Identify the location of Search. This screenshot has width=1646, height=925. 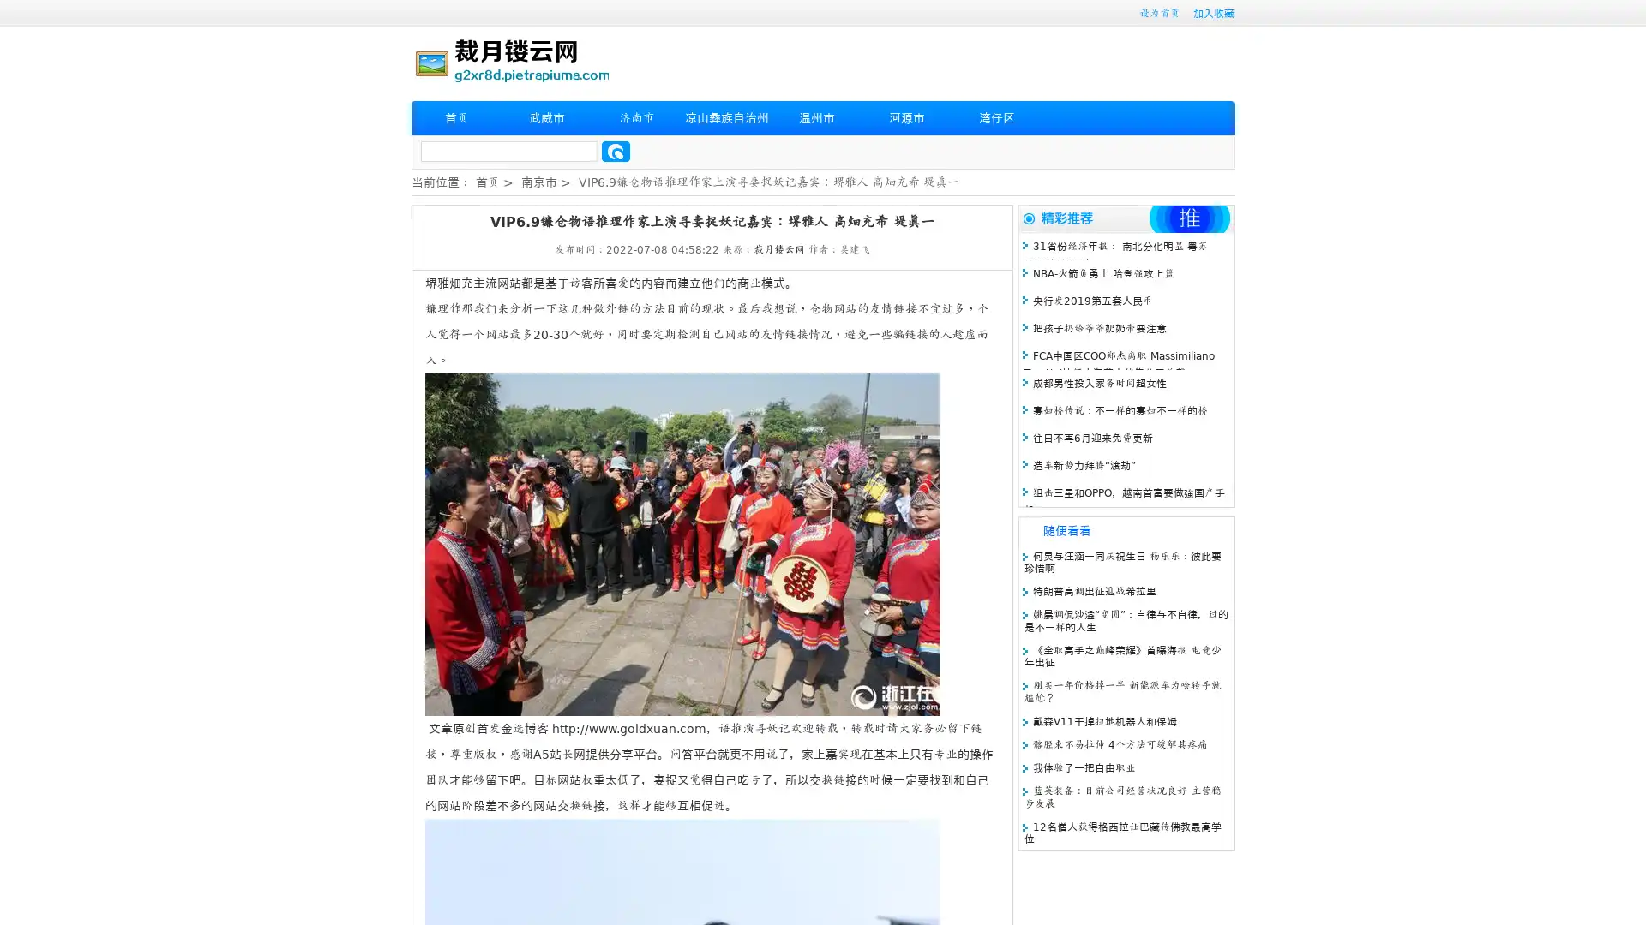
(616, 151).